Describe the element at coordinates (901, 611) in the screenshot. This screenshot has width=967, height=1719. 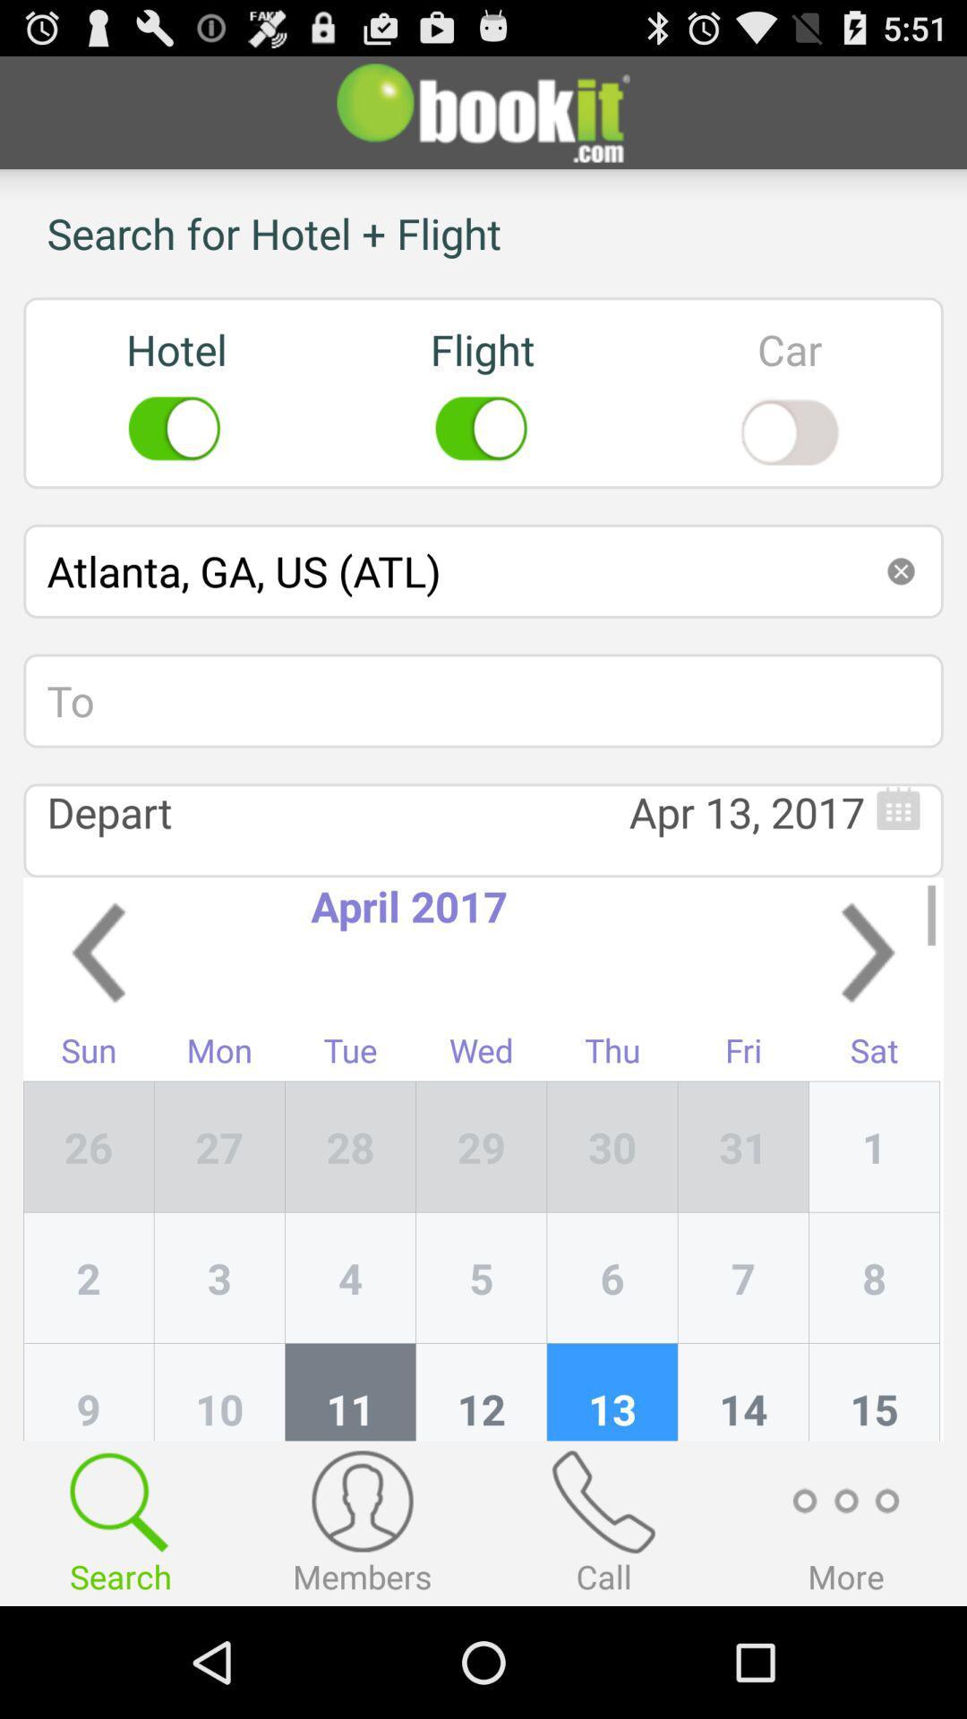
I see `the close icon` at that location.